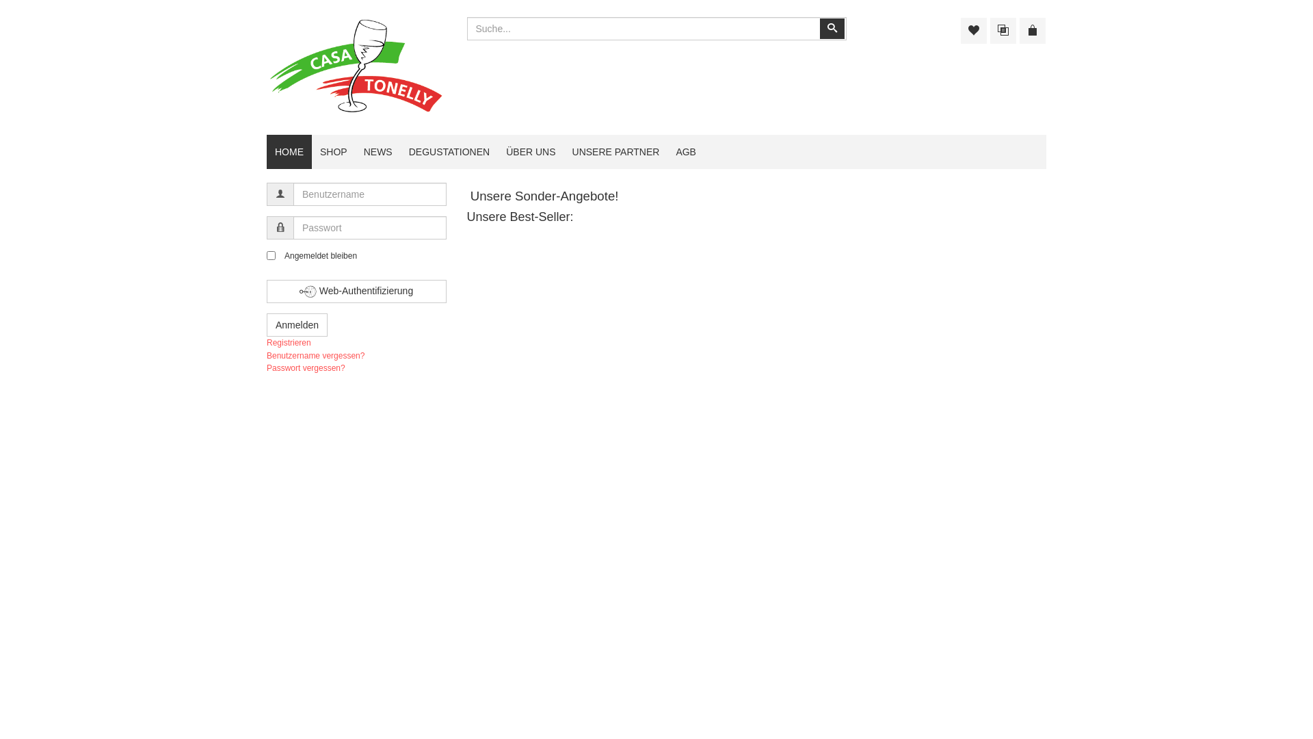  I want to click on 'NEWS', so click(377, 152).